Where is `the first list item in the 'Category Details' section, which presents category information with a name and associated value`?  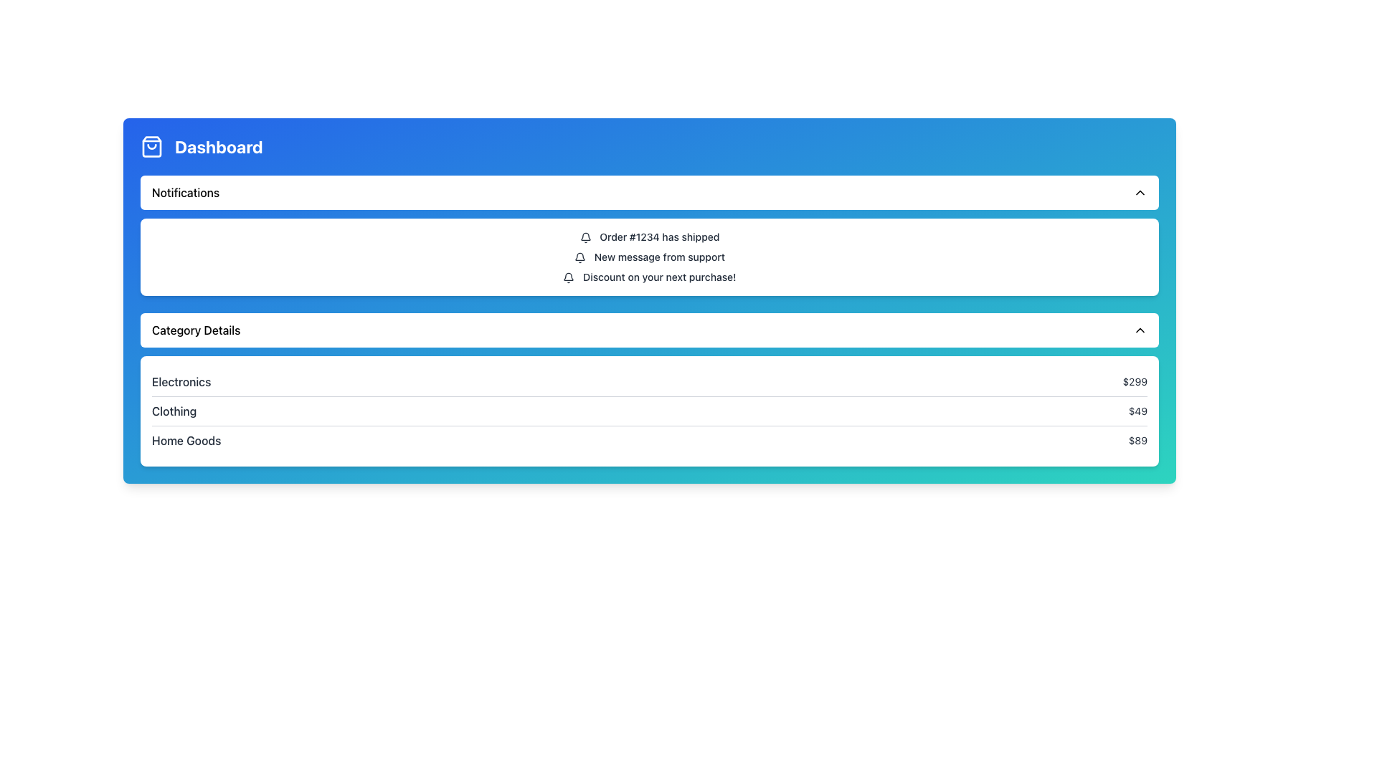 the first list item in the 'Category Details' section, which presents category information with a name and associated value is located at coordinates (649, 381).